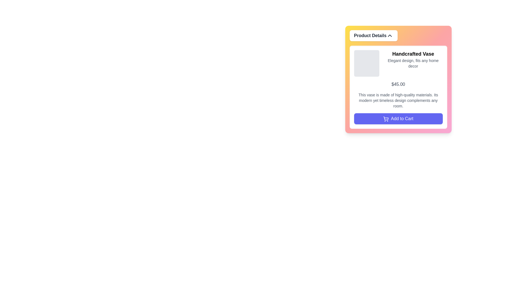 This screenshot has width=532, height=299. What do you see at coordinates (398, 118) in the screenshot?
I see `the add to cart button located at the bottom of the product card` at bounding box center [398, 118].